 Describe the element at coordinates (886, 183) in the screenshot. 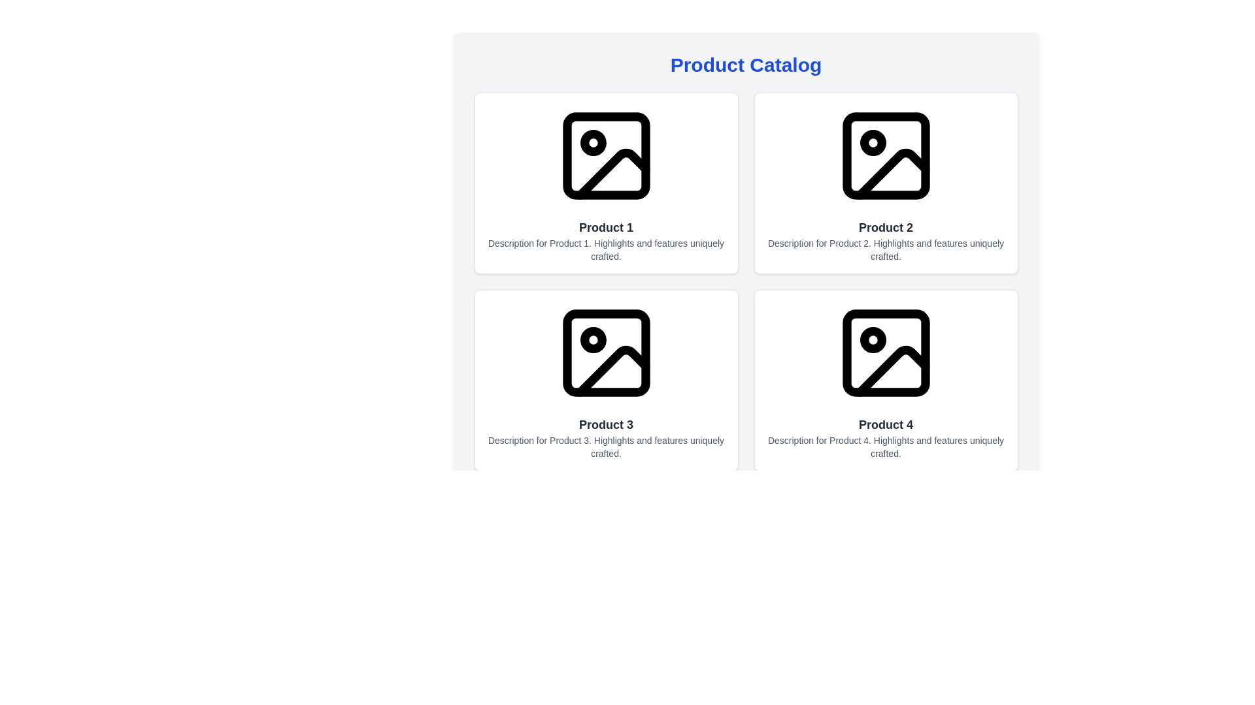

I see `the card element featuring the title 'Product 2', which includes an image placeholder icon at the top and a description beneath` at that location.